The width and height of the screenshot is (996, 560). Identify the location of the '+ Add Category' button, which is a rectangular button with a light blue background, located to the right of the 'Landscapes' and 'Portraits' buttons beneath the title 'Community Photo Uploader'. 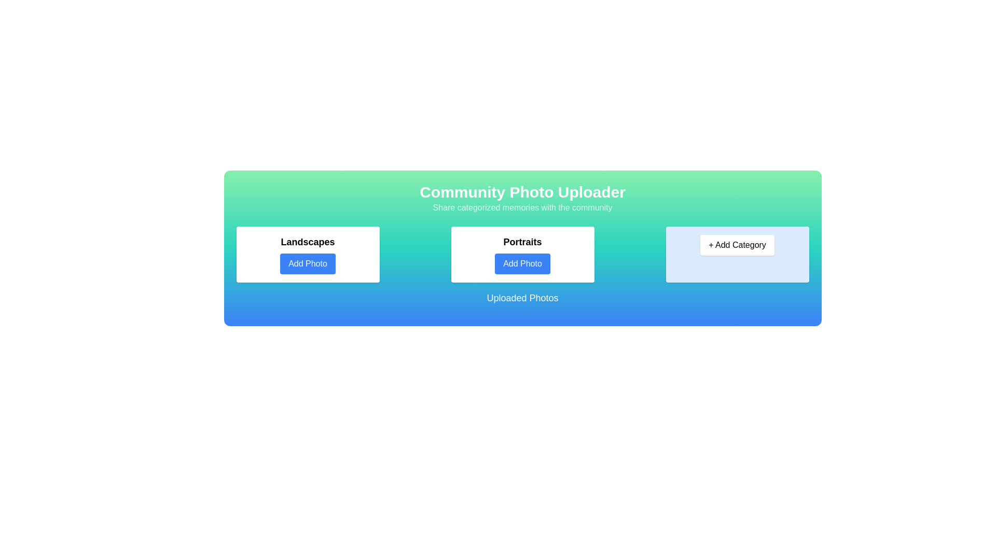
(737, 254).